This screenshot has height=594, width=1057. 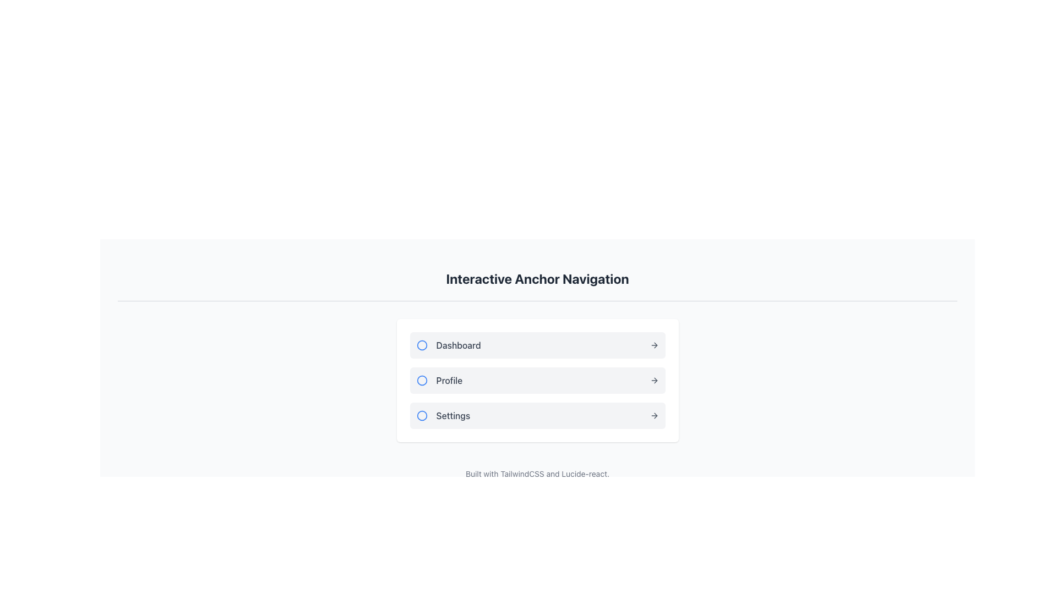 What do you see at coordinates (654, 416) in the screenshot?
I see `the right-pointing arrow icon located at the far-right side of the 'Settings' button` at bounding box center [654, 416].